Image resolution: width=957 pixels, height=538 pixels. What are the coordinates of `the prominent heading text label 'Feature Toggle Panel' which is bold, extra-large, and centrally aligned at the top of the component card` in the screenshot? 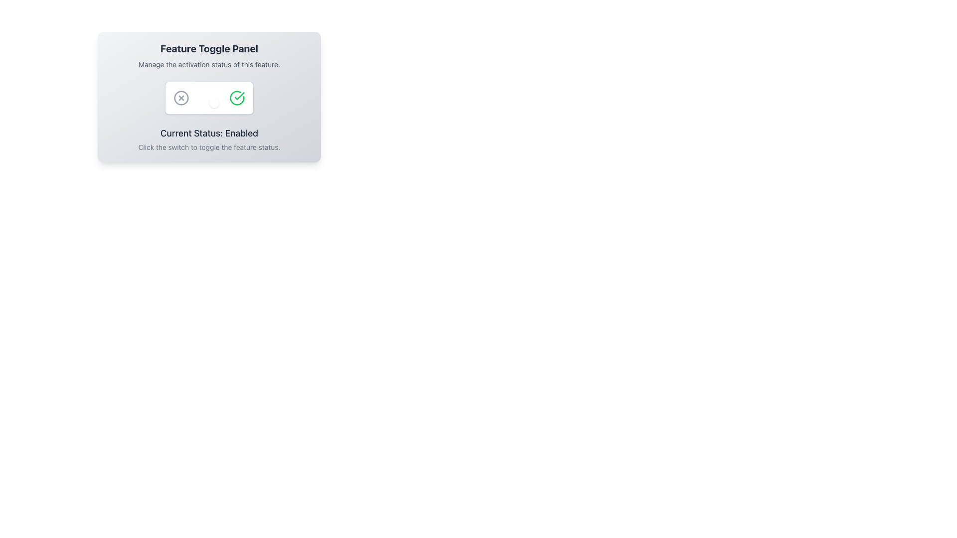 It's located at (208, 48).